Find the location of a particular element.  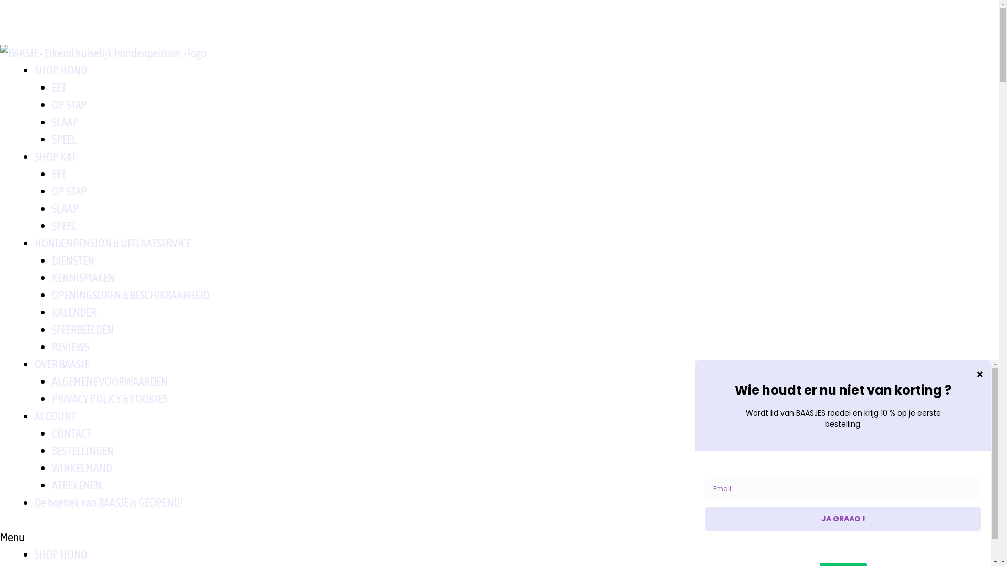

'KALENDER' is located at coordinates (73, 312).